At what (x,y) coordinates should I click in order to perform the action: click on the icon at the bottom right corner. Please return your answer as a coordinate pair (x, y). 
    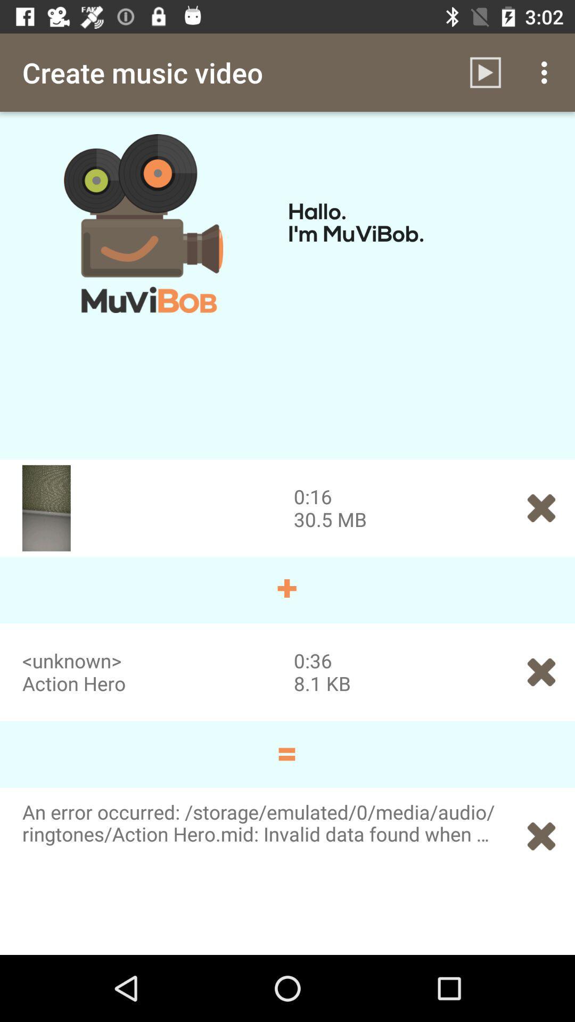
    Looking at the image, I should click on (541, 836).